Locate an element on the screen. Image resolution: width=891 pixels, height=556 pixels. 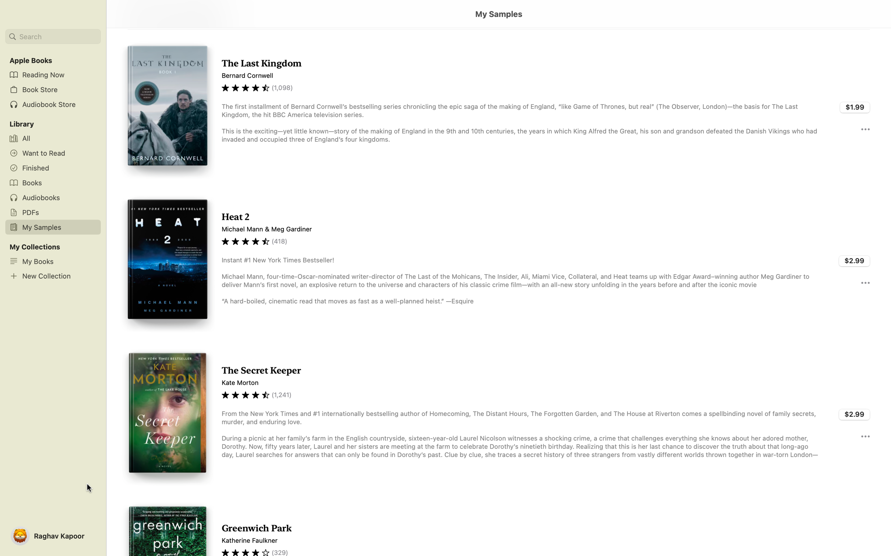
Double click and open the "Last Kingdom" excerpt is located at coordinates (498, 106).